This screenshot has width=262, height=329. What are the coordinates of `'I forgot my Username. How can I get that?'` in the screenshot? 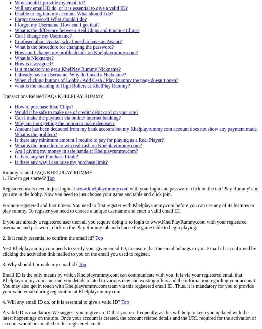 It's located at (56, 24).